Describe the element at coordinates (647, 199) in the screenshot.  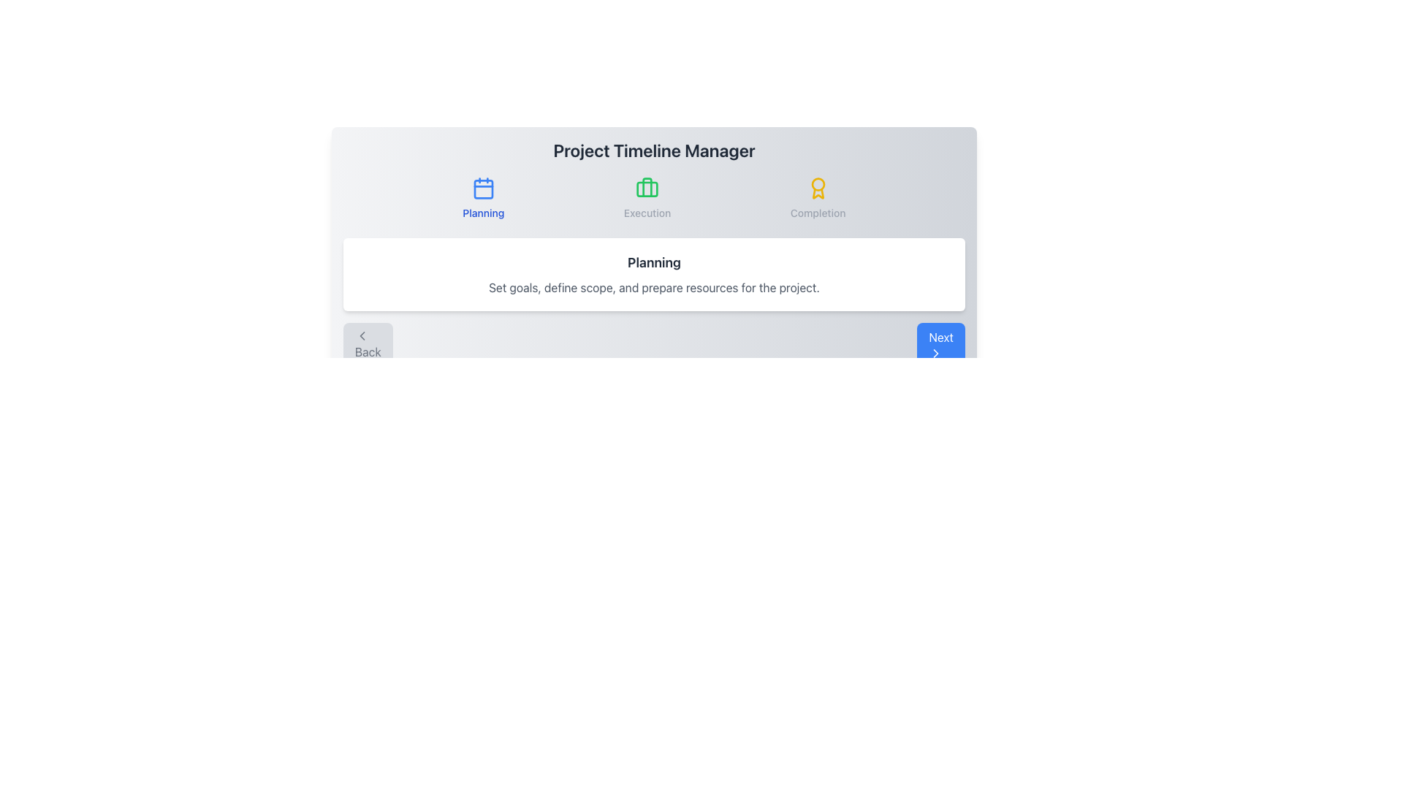
I see `the second navigation item labeled 'Execution', which features a green briefcase icon above the gray text 'Execution'` at that location.